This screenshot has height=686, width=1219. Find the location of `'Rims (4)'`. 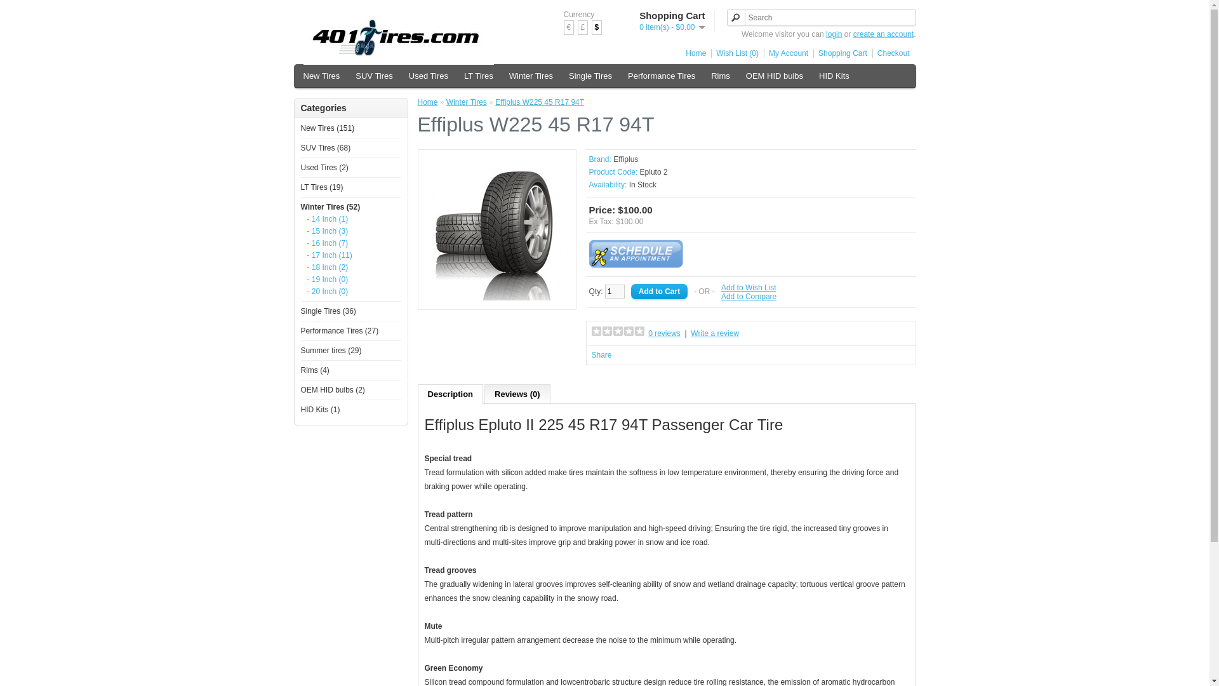

'Rims (4)' is located at coordinates (315, 370).